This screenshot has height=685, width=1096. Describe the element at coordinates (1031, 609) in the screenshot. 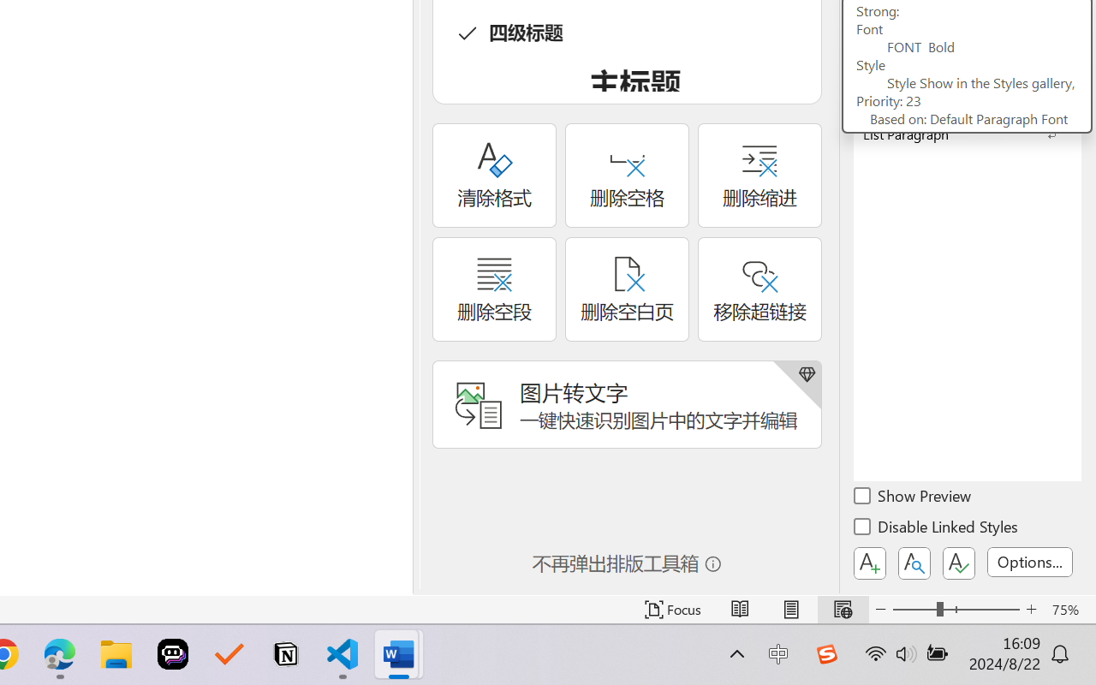

I see `'Zoom In'` at that location.